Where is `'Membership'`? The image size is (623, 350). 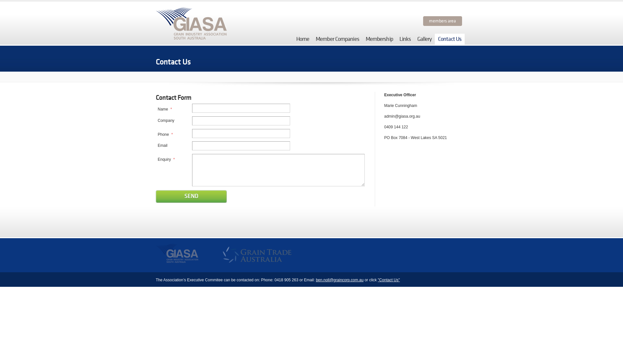
'Membership' is located at coordinates (379, 39).